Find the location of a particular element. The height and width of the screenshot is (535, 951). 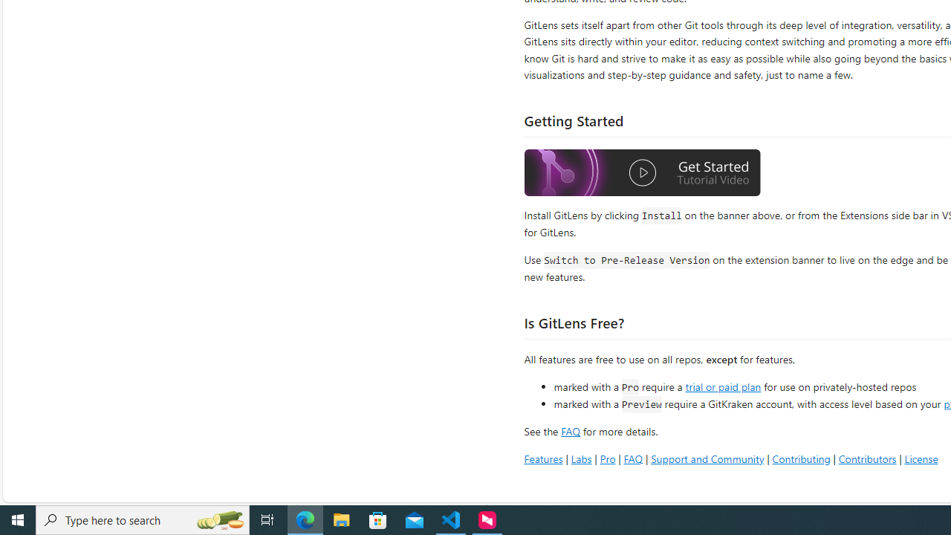

'Watch the GitLens Getting Started video' is located at coordinates (643, 172).